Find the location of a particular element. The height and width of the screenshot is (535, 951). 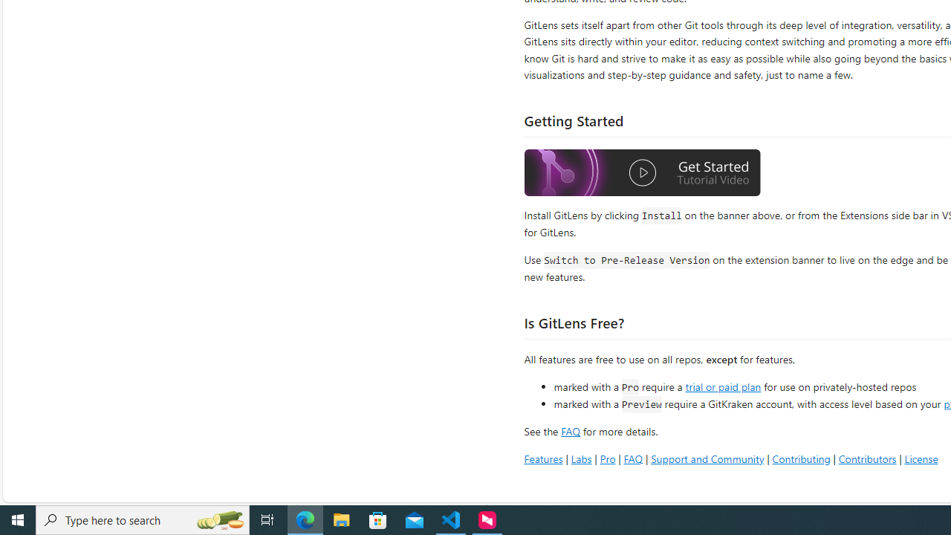

'Watch the GitLens Getting Started video' is located at coordinates (643, 172).